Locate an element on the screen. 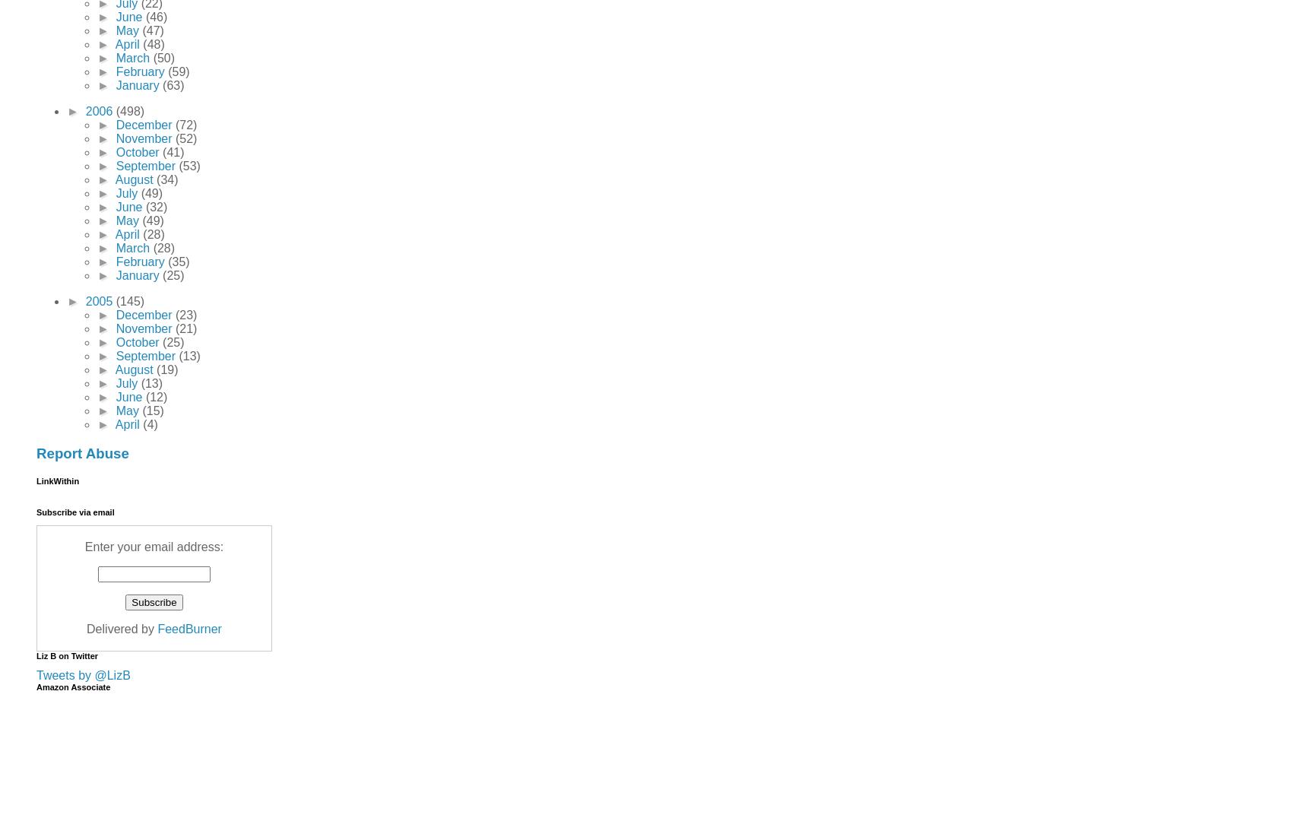 This screenshot has height=818, width=1299. '(21)' is located at coordinates (185, 328).